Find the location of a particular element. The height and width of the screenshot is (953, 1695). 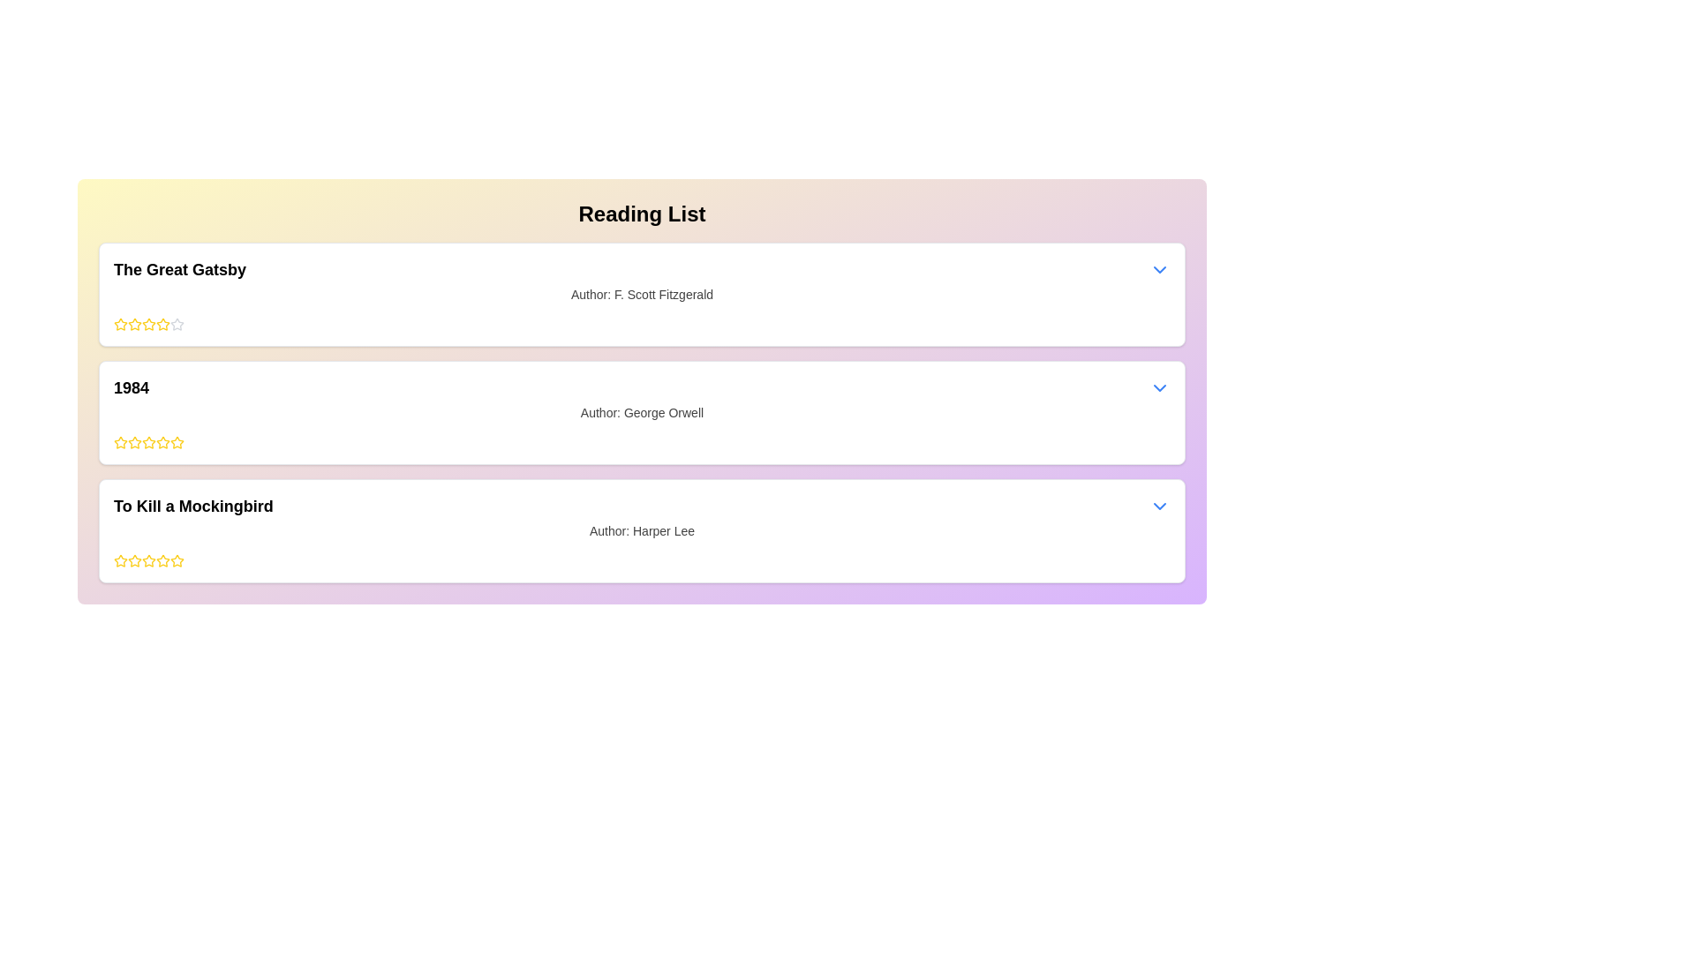

the sixth star in the rating indicator for the book 'The Great Gatsby', located under the book title in the reading list is located at coordinates (163, 324).